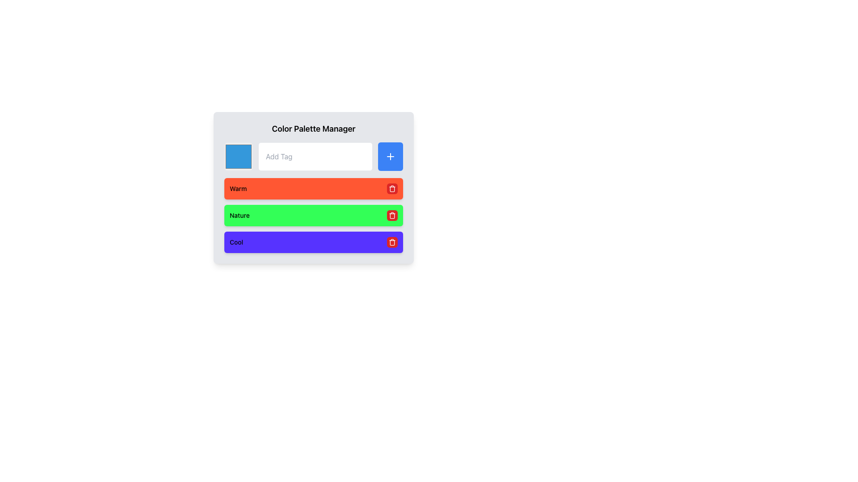 This screenshot has height=482, width=858. I want to click on the trash can icon represented by the vertical bar-like structure within the SVG, which is aligned with the delete button associated with the green 'Nature' label, so click(392, 216).